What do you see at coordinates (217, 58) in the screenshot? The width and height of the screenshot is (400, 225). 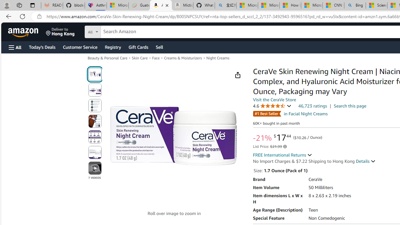 I see `'Night Creams'` at bounding box center [217, 58].